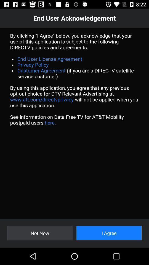  Describe the element at coordinates (74, 123) in the screenshot. I see `user recognition` at that location.